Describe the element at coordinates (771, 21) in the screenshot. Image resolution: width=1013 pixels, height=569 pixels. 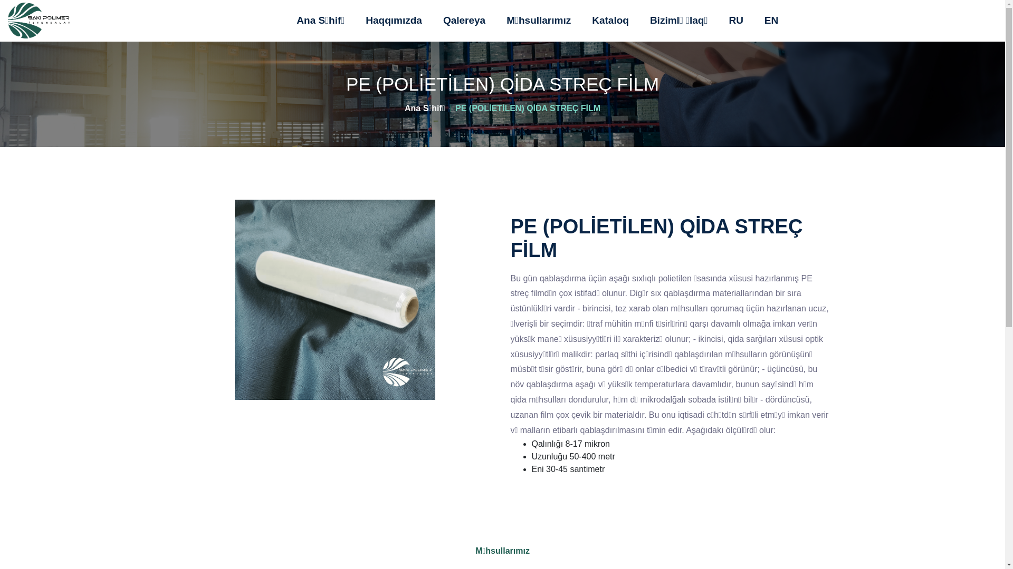
I see `'EN'` at that location.